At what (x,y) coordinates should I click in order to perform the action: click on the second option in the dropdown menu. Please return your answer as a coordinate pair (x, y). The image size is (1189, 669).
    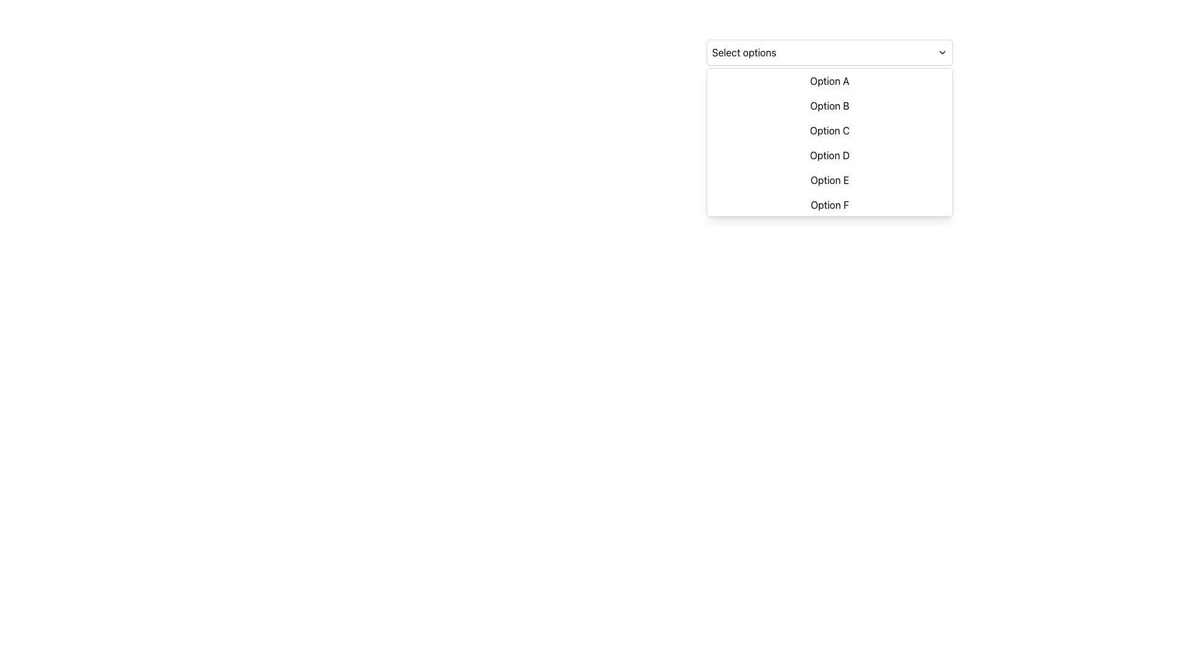
    Looking at the image, I should click on (829, 105).